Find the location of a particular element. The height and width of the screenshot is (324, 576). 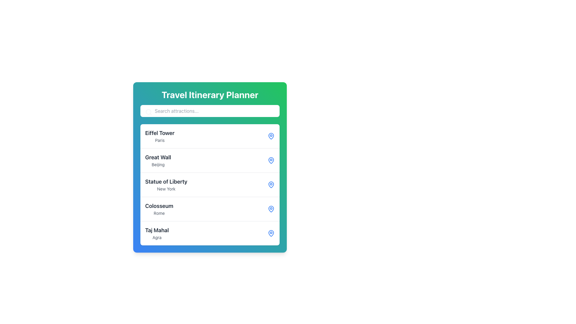

the text label displaying 'Taj Mahal' which is styled with 'text-lg font-semibold' and is located at the bottom of the list of attractions is located at coordinates (157, 230).